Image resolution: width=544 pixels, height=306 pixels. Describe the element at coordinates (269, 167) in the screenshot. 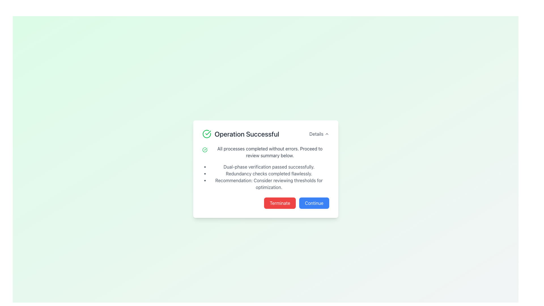

I see `informational text element that indicates the successful completion of operations, located under the header 'Operation Successful.'` at that location.